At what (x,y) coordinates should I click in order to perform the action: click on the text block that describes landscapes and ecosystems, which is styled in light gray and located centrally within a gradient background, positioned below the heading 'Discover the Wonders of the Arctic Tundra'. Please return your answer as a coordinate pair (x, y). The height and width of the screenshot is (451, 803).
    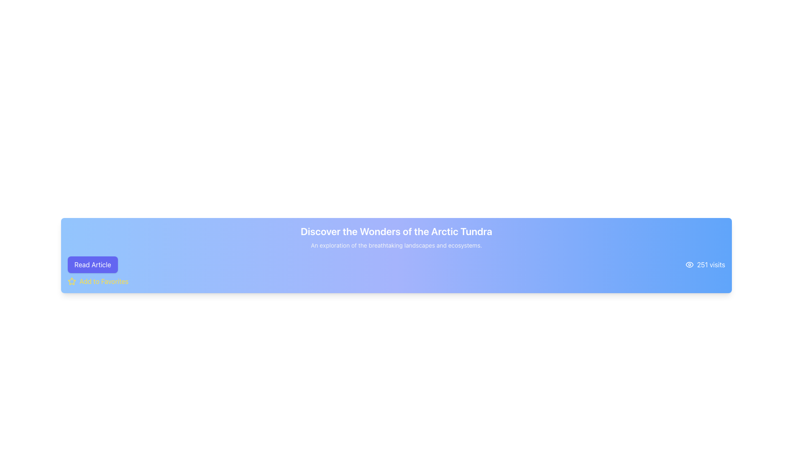
    Looking at the image, I should click on (396, 245).